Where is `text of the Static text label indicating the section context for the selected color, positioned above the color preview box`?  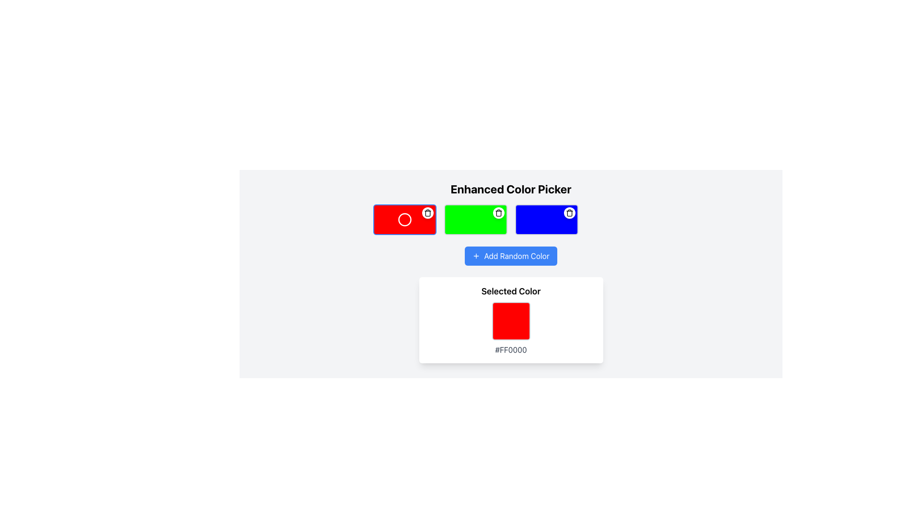
text of the Static text label indicating the section context for the selected color, positioned above the color preview box is located at coordinates (510, 291).